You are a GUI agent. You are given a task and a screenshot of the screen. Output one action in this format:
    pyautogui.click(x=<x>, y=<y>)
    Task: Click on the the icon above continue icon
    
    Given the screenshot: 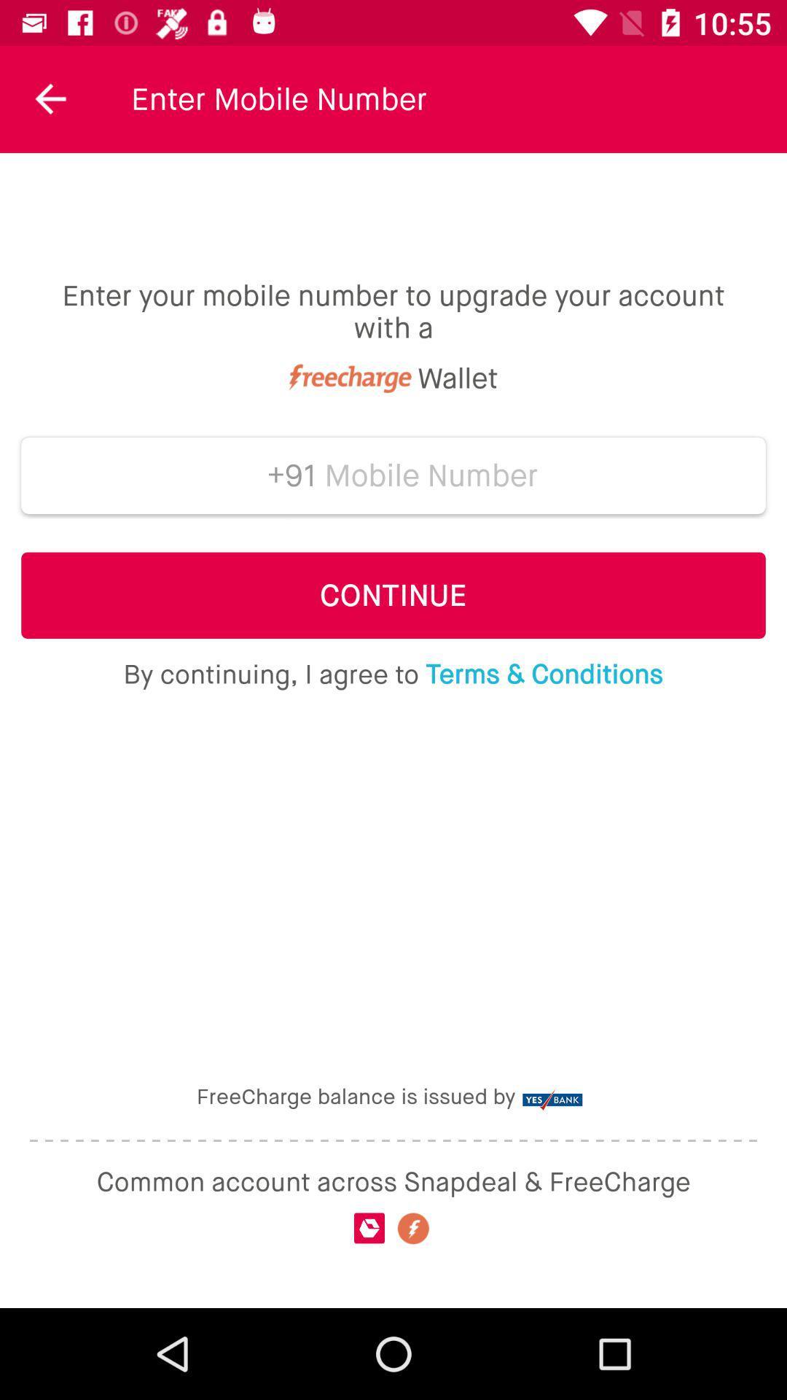 What is the action you would take?
    pyautogui.click(x=286, y=475)
    